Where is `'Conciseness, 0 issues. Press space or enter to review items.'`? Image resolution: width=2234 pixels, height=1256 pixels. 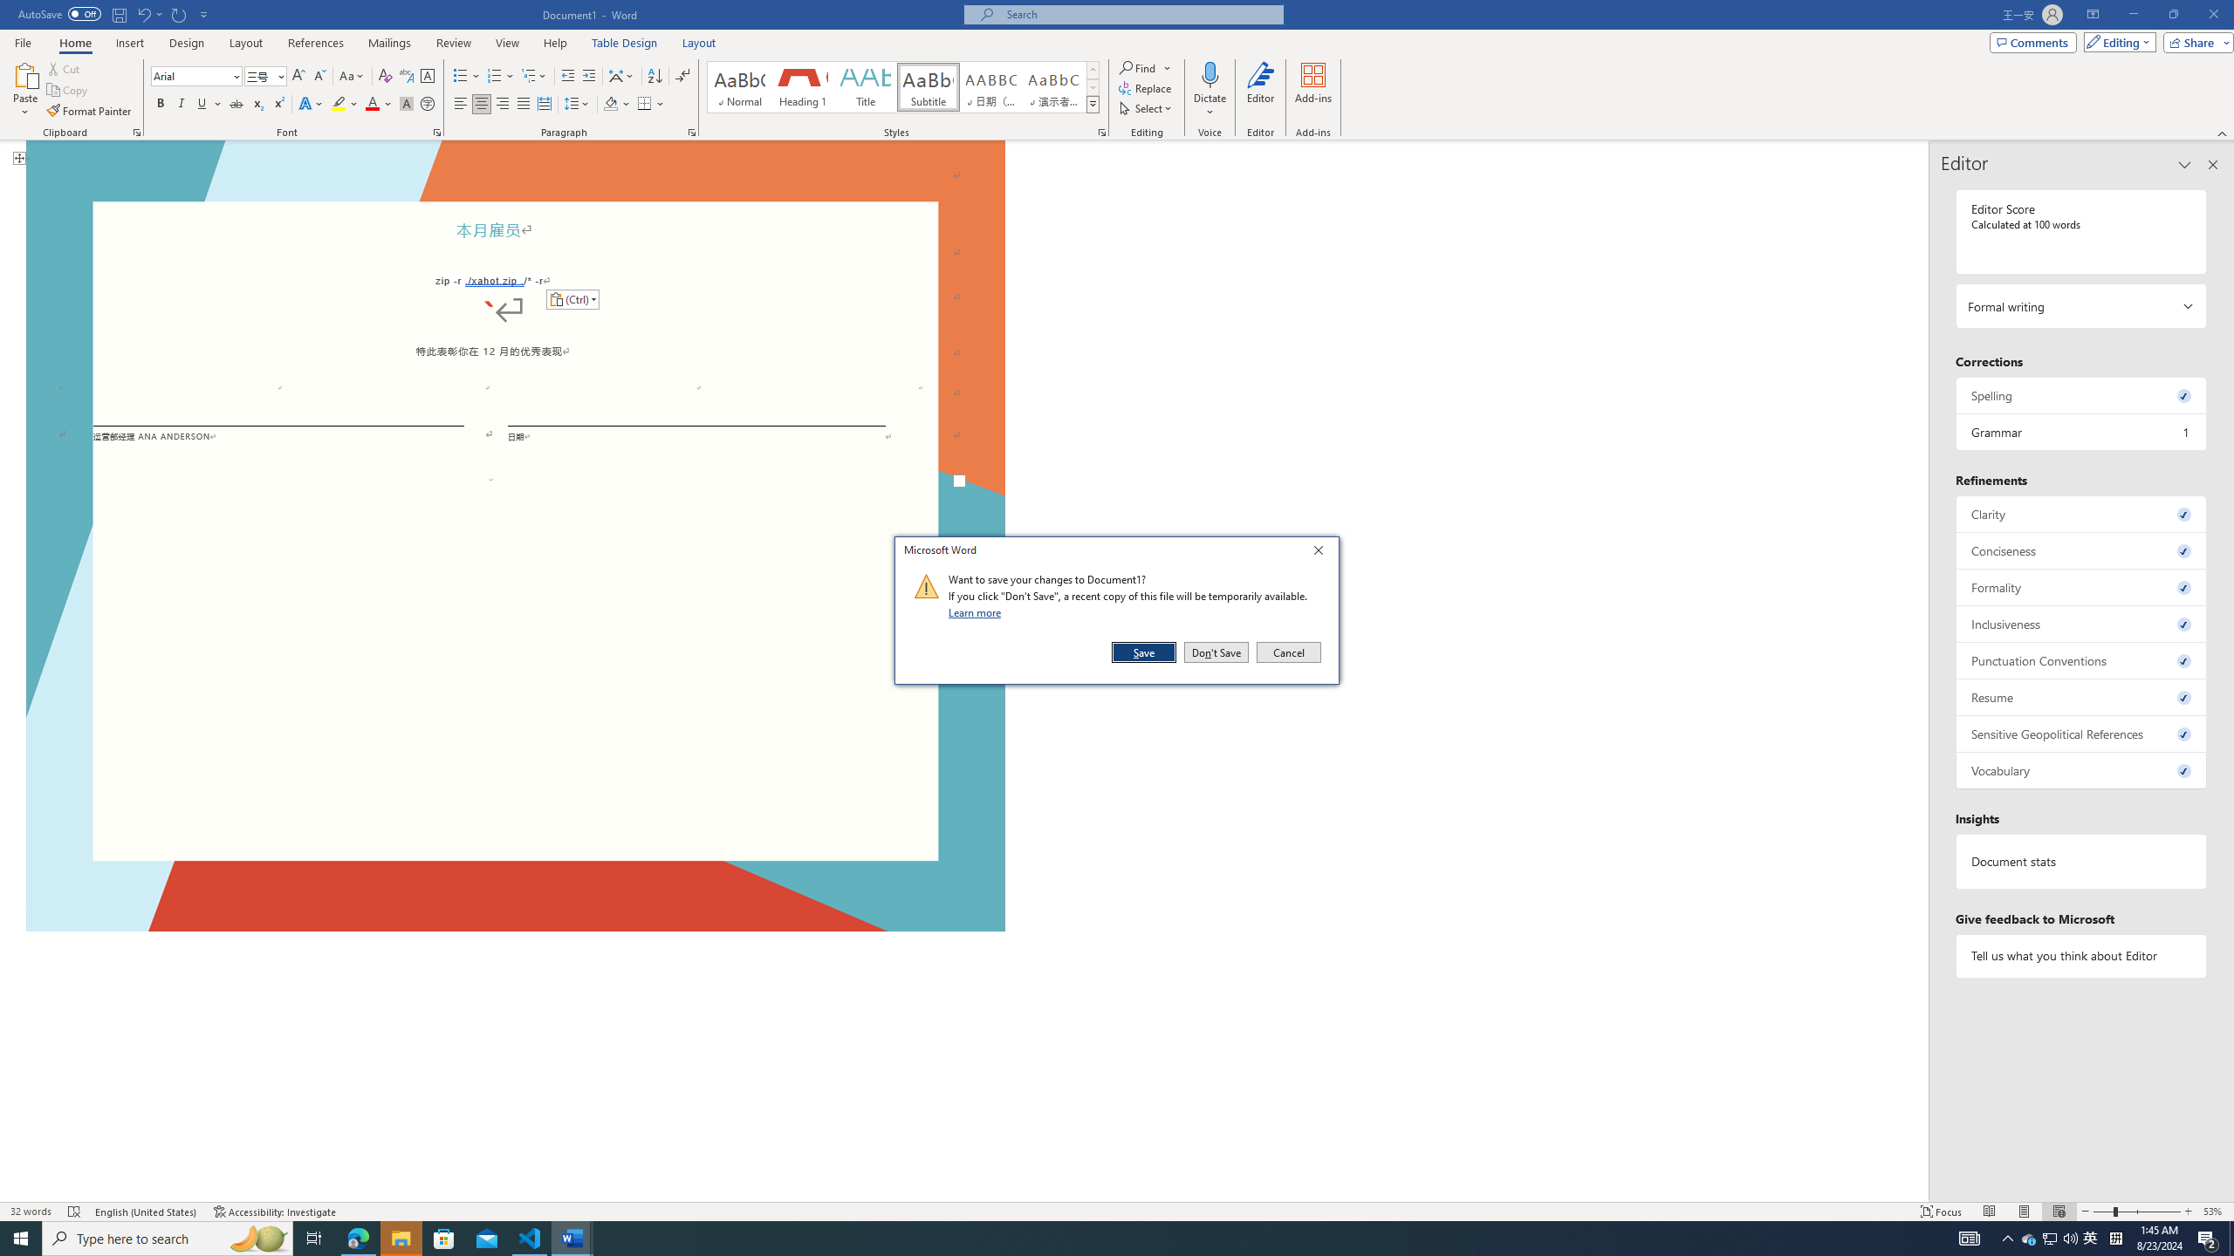
'Conciseness, 0 issues. Press space or enter to review items.' is located at coordinates (2080, 550).